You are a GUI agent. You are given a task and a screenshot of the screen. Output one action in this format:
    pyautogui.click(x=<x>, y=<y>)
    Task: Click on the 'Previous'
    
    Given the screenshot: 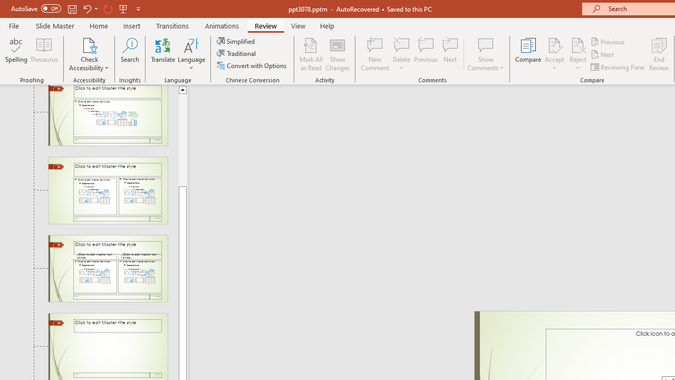 What is the action you would take?
    pyautogui.click(x=608, y=41)
    